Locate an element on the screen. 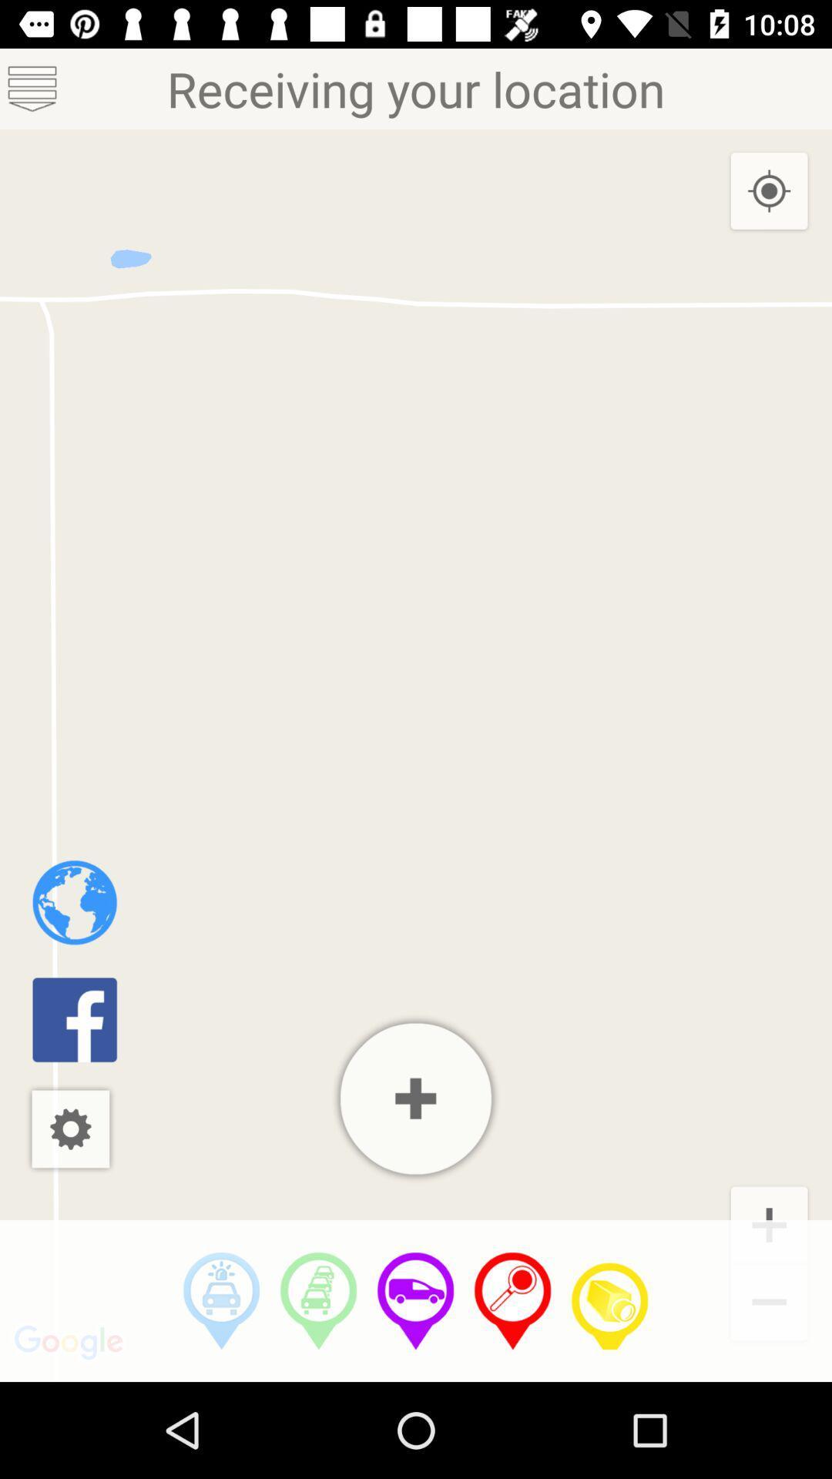 This screenshot has width=832, height=1479. the item below receiving your location is located at coordinates (75, 902).